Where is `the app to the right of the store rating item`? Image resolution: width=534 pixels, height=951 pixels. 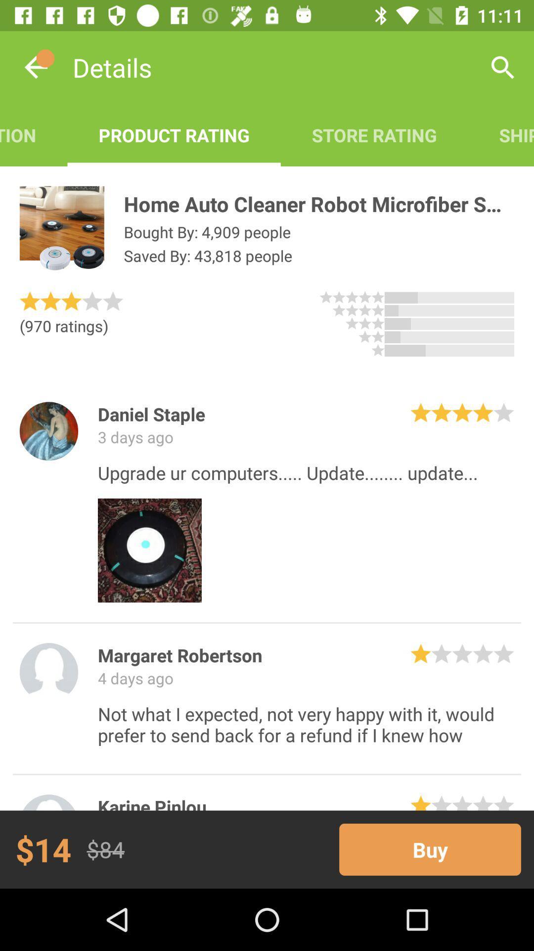 the app to the right of the store rating item is located at coordinates (503, 67).